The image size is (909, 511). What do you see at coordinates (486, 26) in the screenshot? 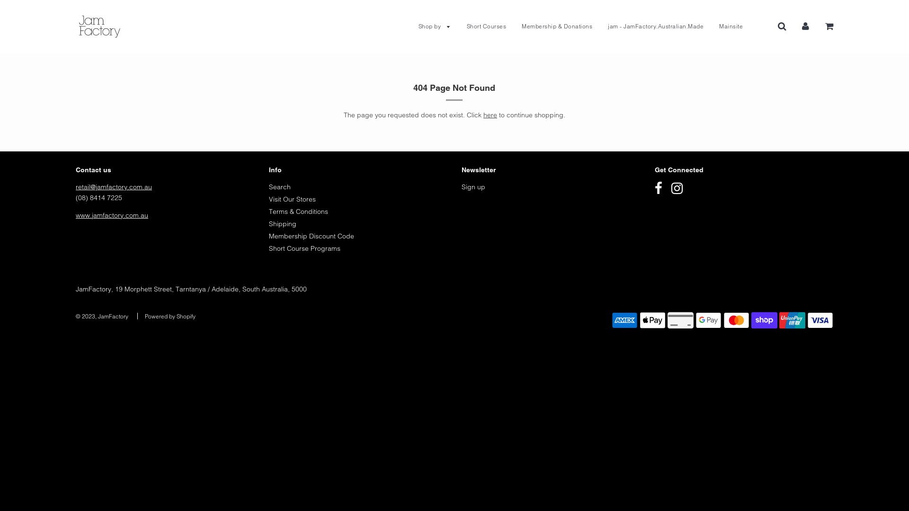
I see `'Short Courses'` at bounding box center [486, 26].